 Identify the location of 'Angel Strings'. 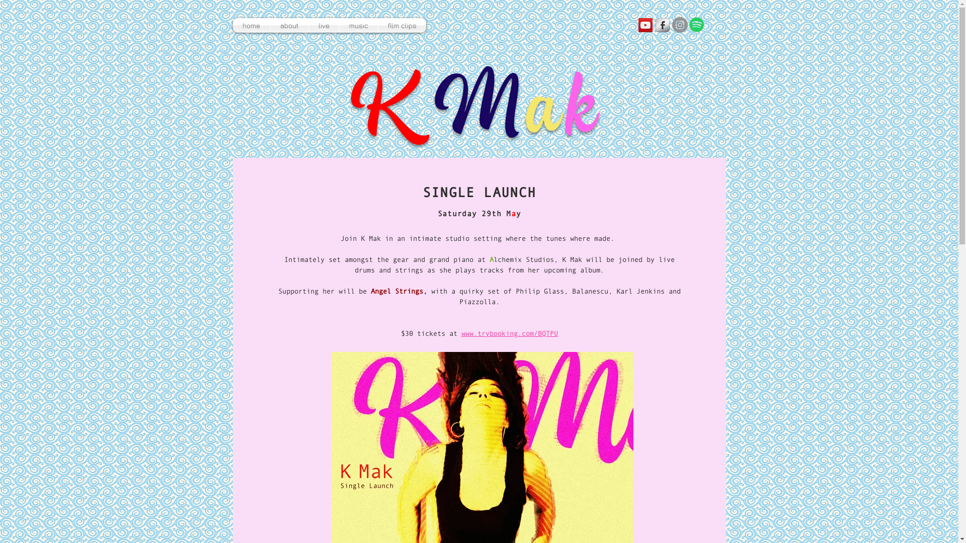
(395, 291).